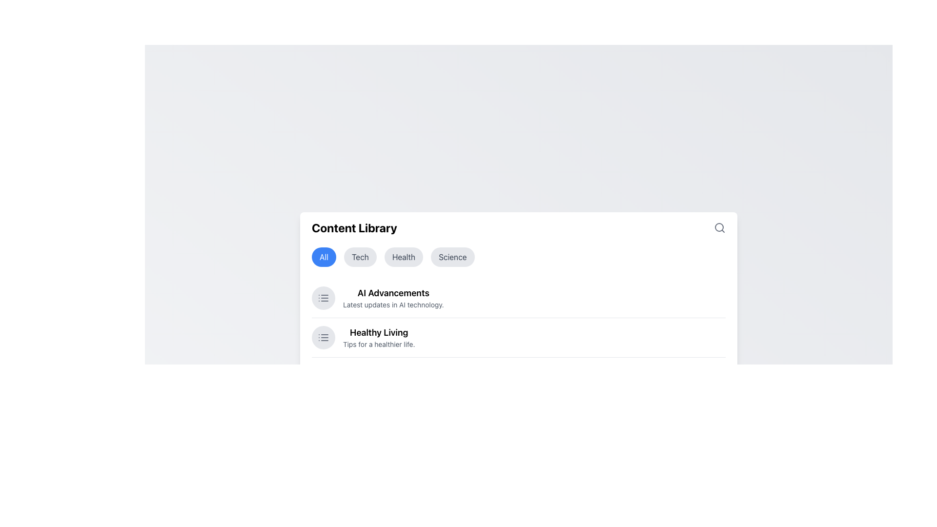 This screenshot has width=937, height=527. I want to click on the text label providing a descriptive summary for 'AI Advancements', located directly below the title in the upper right section of the interface, so click(393, 304).